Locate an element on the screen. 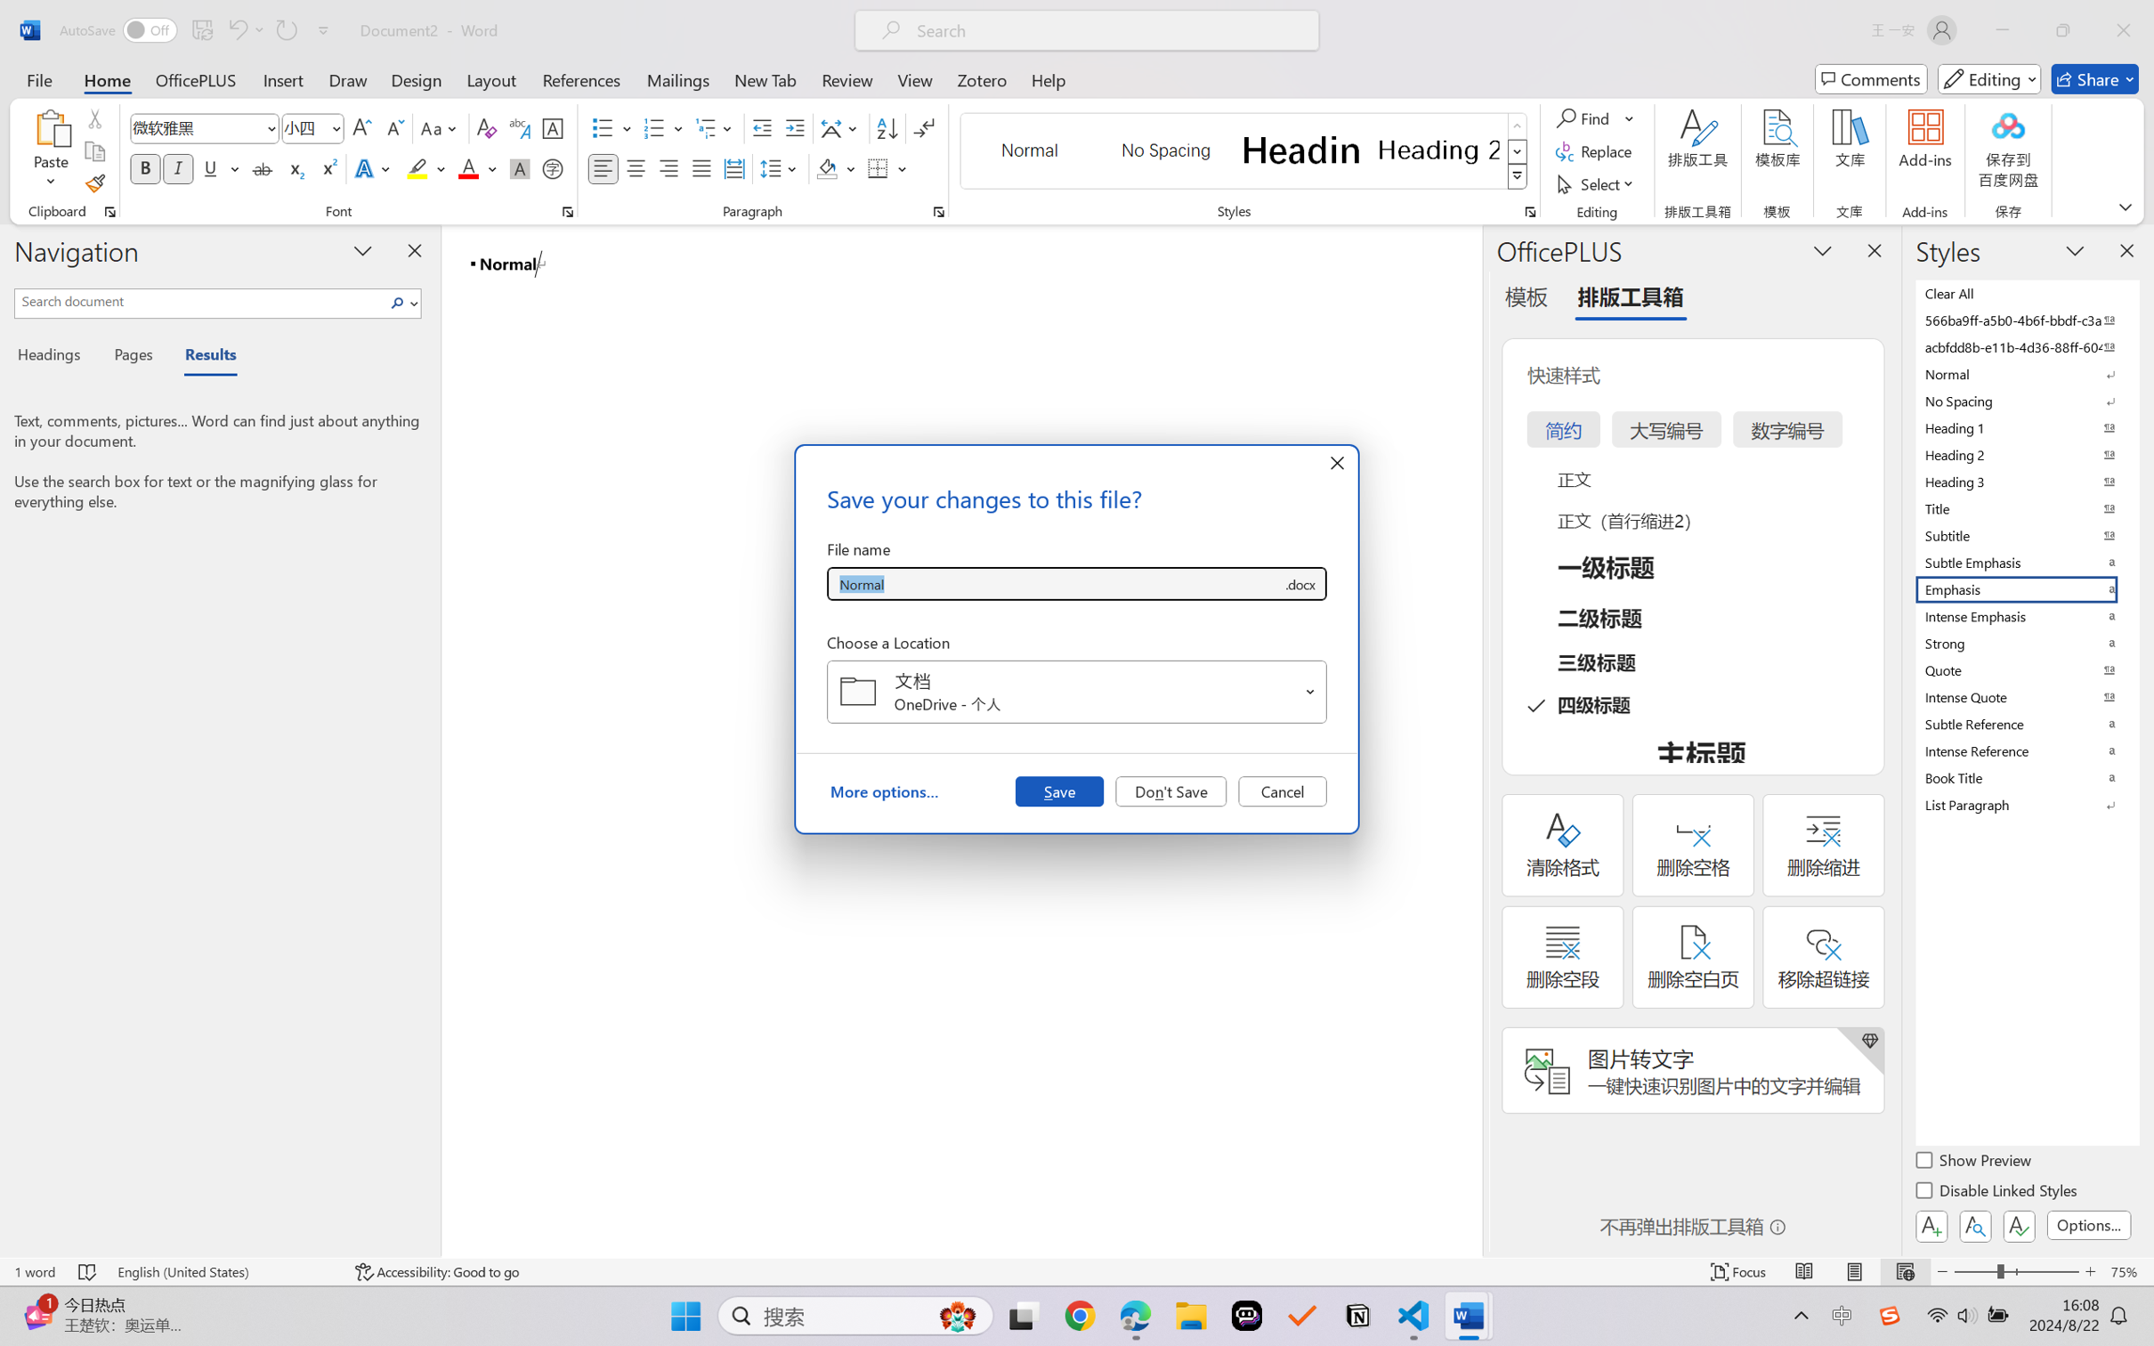  'Align Left' is located at coordinates (603, 167).